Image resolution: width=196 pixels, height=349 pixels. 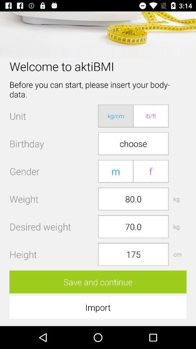 I want to click on item next to the birthday app, so click(x=133, y=143).